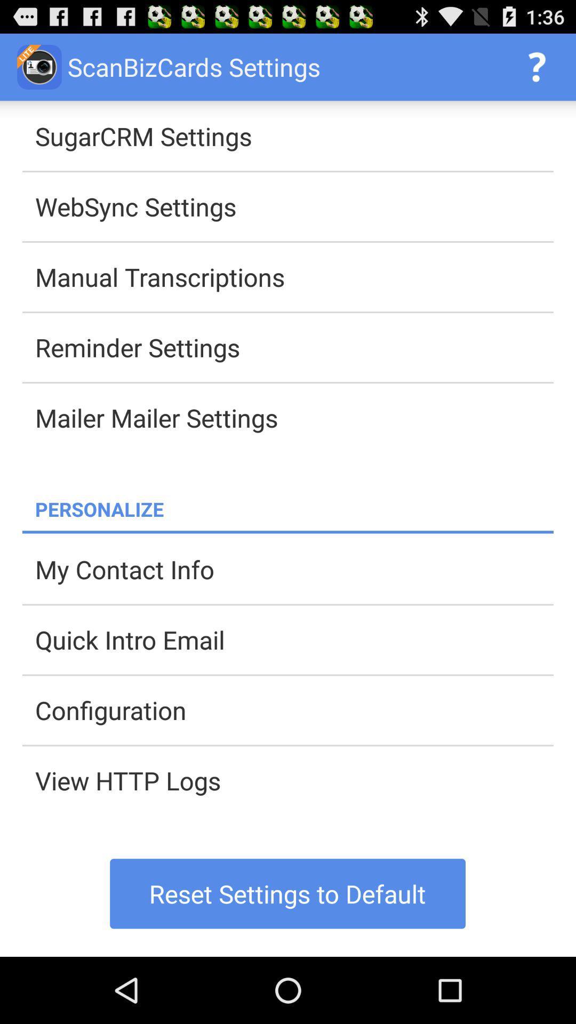 This screenshot has width=576, height=1024. What do you see at coordinates (294, 508) in the screenshot?
I see `the personalize` at bounding box center [294, 508].